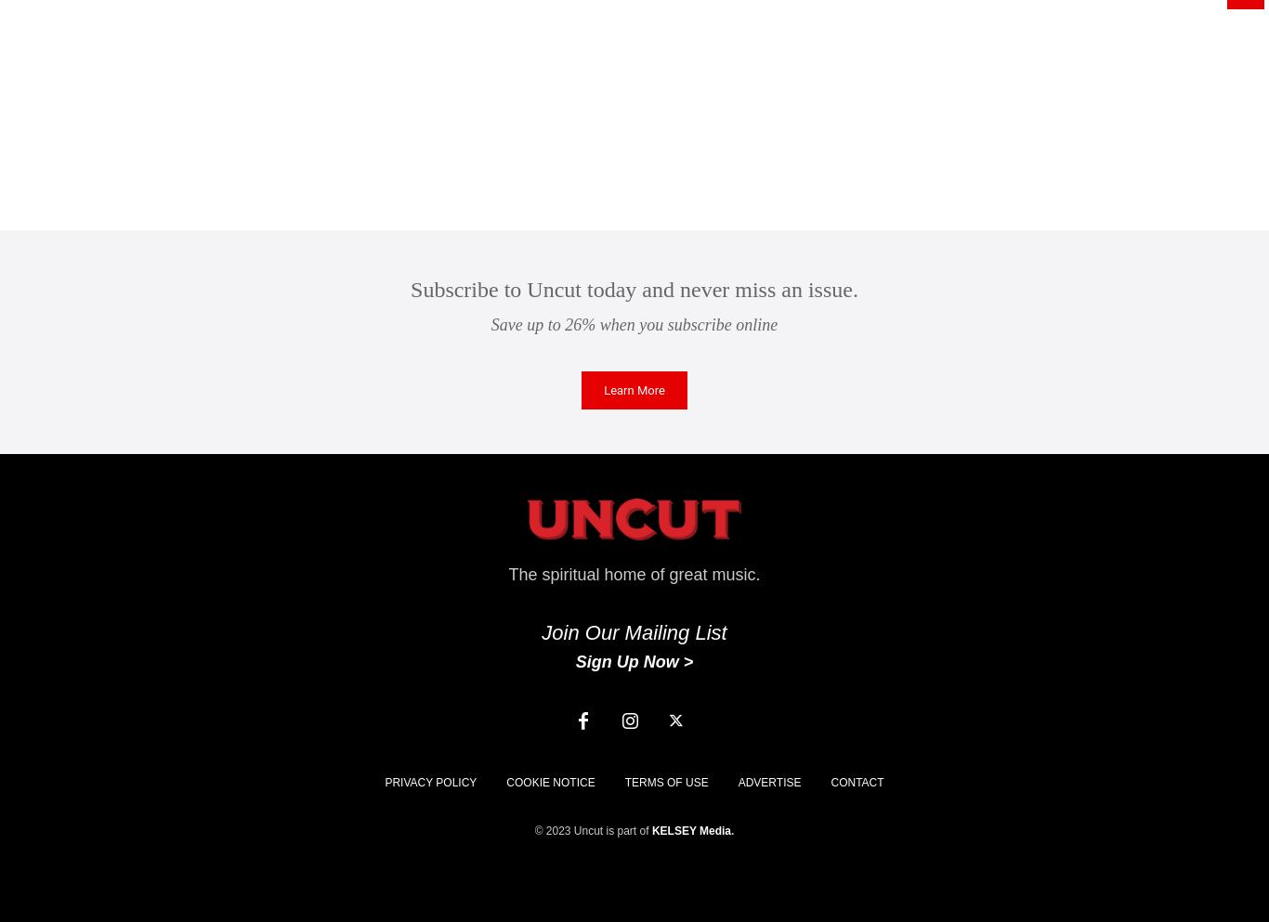  What do you see at coordinates (691, 830) in the screenshot?
I see `'KELSEY Media'` at bounding box center [691, 830].